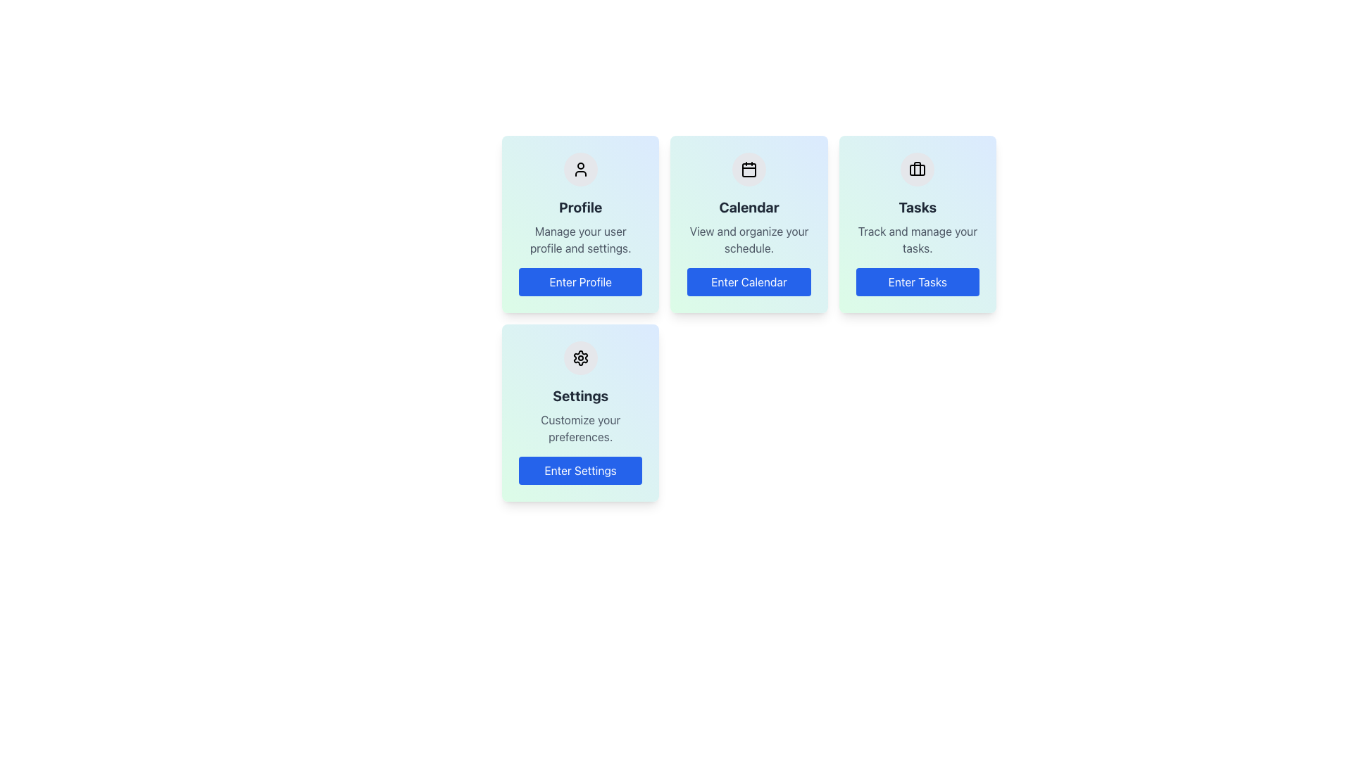 This screenshot has width=1352, height=760. Describe the element at coordinates (580, 428) in the screenshot. I see `the text block that reads 'Customize your preferences.' which is located within the 'Settings' card, positioned below the title 'Settings' and above the 'Enter Settings' button` at that location.